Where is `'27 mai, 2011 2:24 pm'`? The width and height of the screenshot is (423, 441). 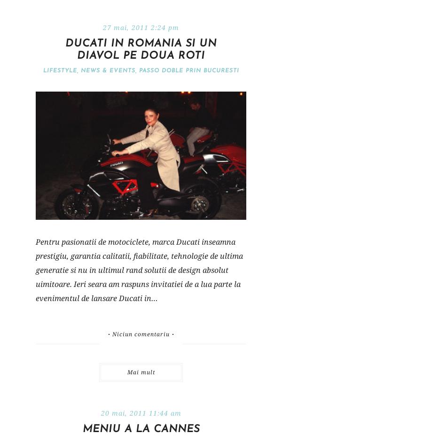
'27 mai, 2011 2:24 pm' is located at coordinates (140, 27).